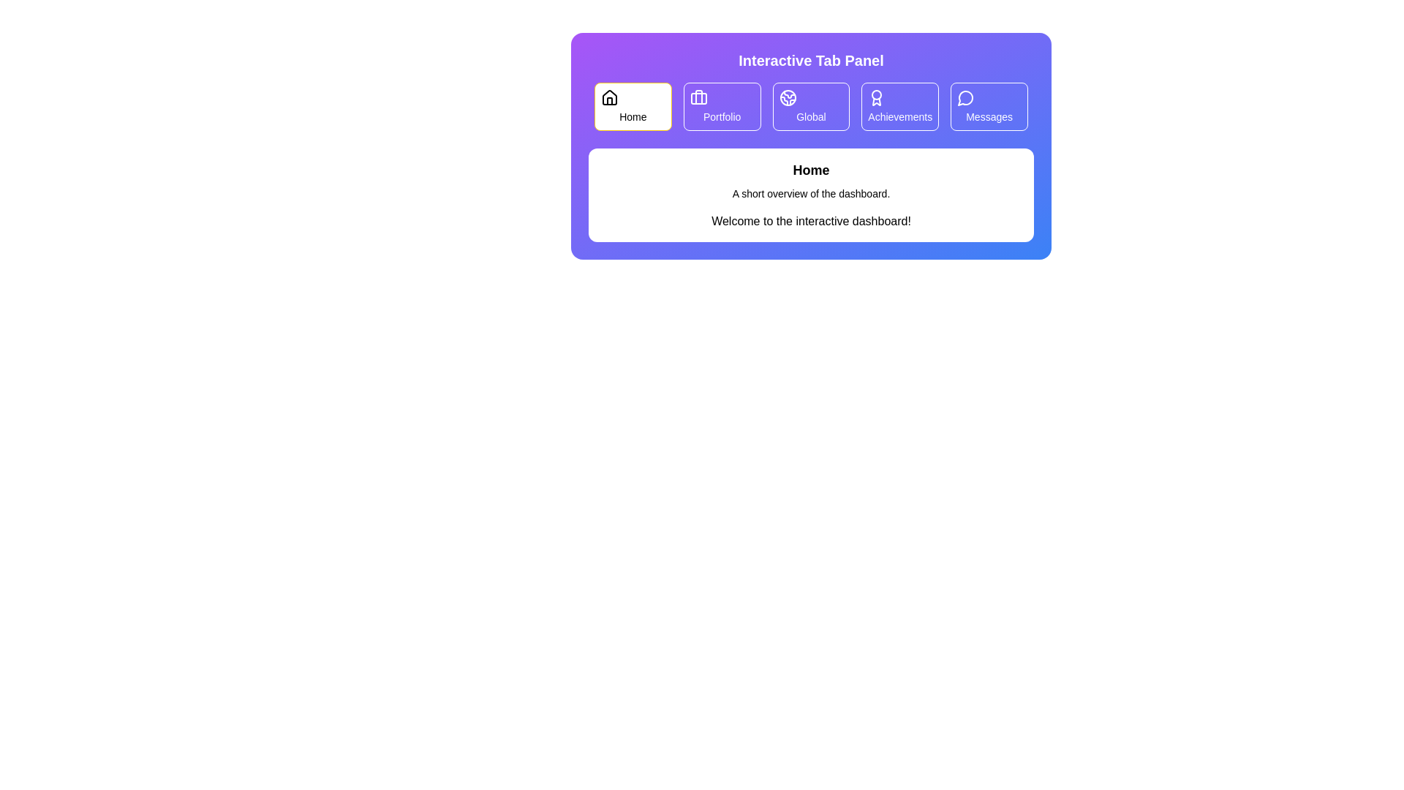  What do you see at coordinates (899, 116) in the screenshot?
I see `the text label associated with the fourth button in the navigation bar` at bounding box center [899, 116].